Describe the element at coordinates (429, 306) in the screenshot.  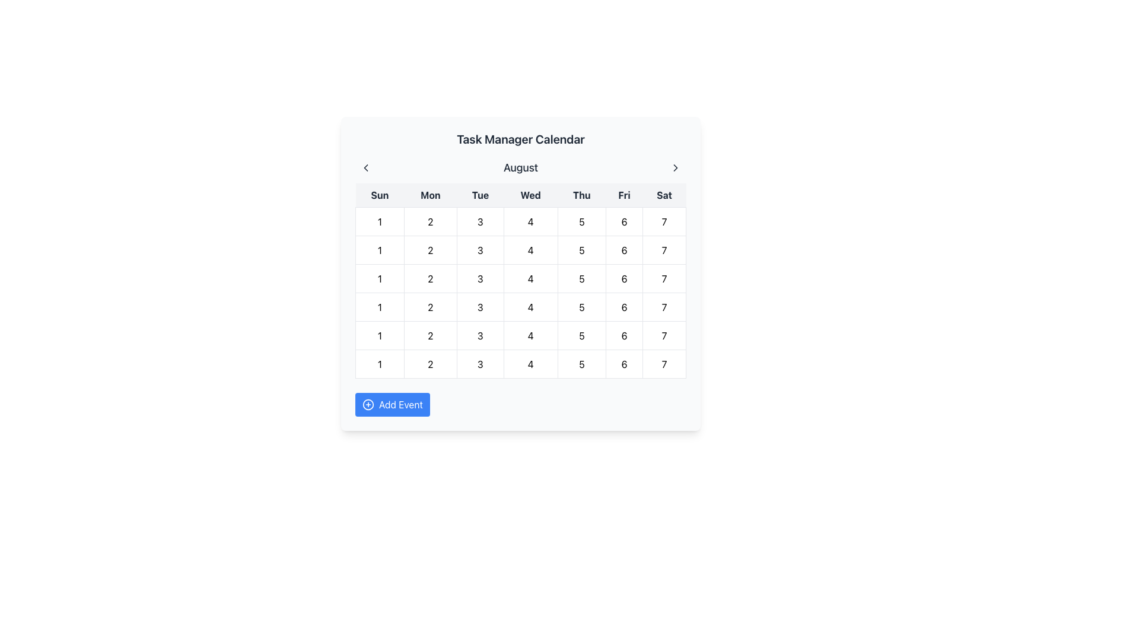
I see `the Calendar Day Cell displaying '2'` at that location.